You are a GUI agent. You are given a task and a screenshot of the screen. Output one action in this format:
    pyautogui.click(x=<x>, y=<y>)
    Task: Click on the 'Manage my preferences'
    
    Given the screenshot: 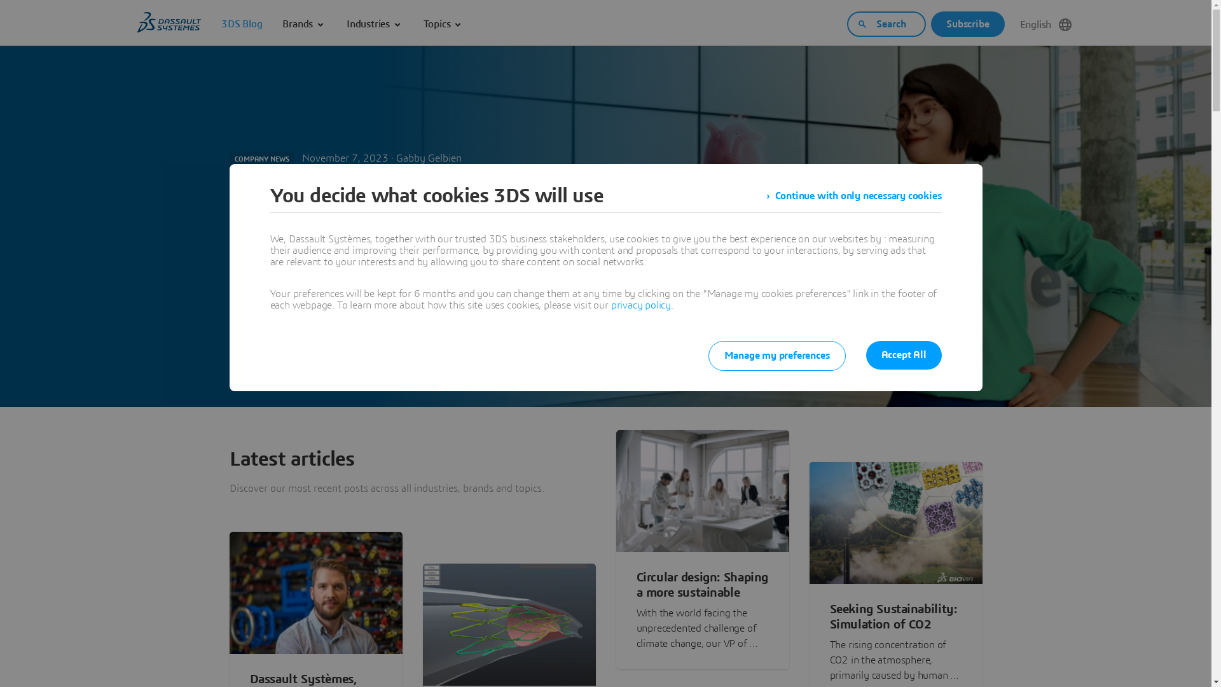 What is the action you would take?
    pyautogui.click(x=776, y=356)
    